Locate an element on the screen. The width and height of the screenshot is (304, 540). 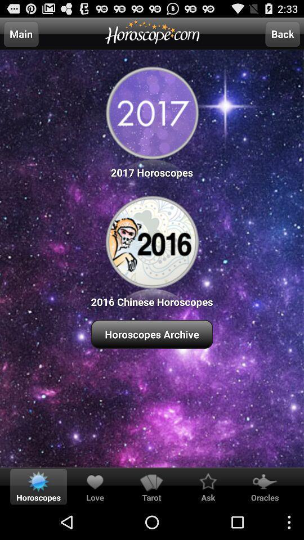
the button above the horoscopes archive item is located at coordinates (152, 250).